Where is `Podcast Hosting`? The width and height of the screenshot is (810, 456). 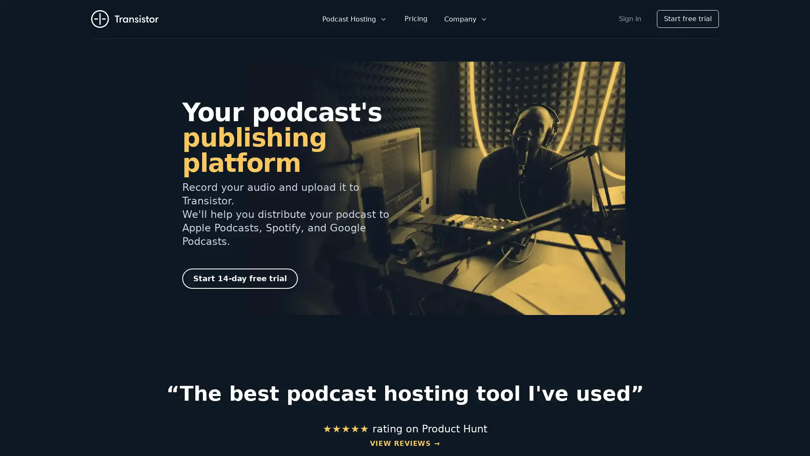 Podcast Hosting is located at coordinates (354, 19).